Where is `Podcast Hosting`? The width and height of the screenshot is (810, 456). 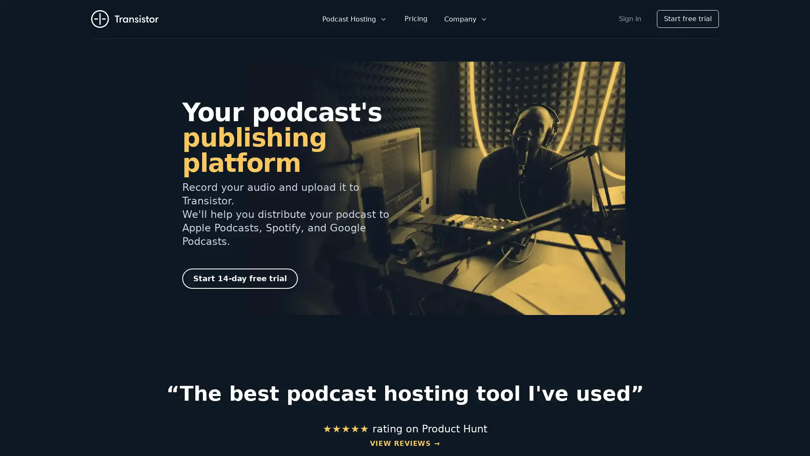 Podcast Hosting is located at coordinates (354, 19).